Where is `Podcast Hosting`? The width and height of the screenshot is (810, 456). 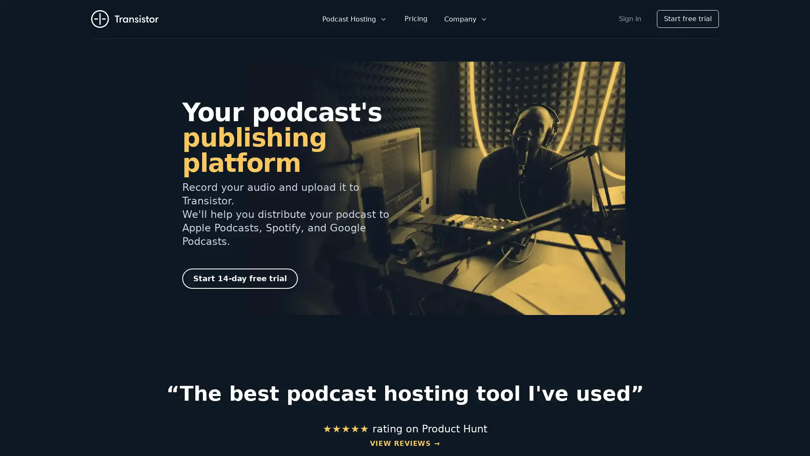 Podcast Hosting is located at coordinates (354, 19).